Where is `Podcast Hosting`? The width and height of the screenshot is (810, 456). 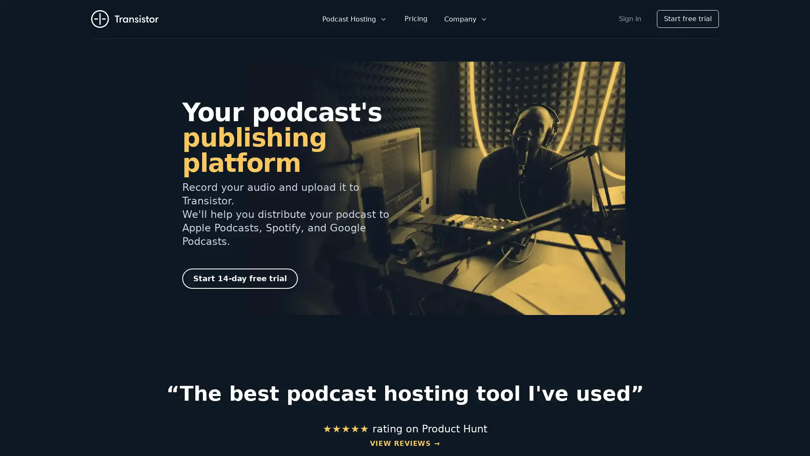 Podcast Hosting is located at coordinates (354, 19).